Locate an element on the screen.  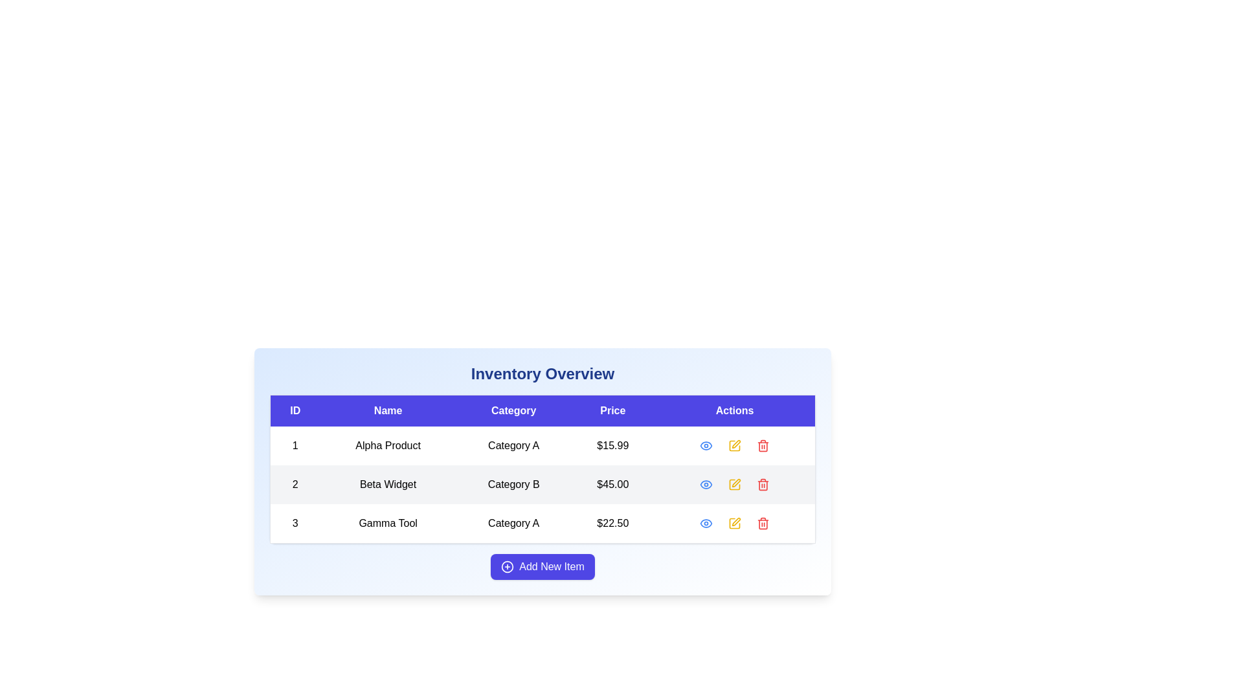
the delete icon button located in the second row of the table under the 'Actions' column for keyboard interaction is located at coordinates (763, 484).